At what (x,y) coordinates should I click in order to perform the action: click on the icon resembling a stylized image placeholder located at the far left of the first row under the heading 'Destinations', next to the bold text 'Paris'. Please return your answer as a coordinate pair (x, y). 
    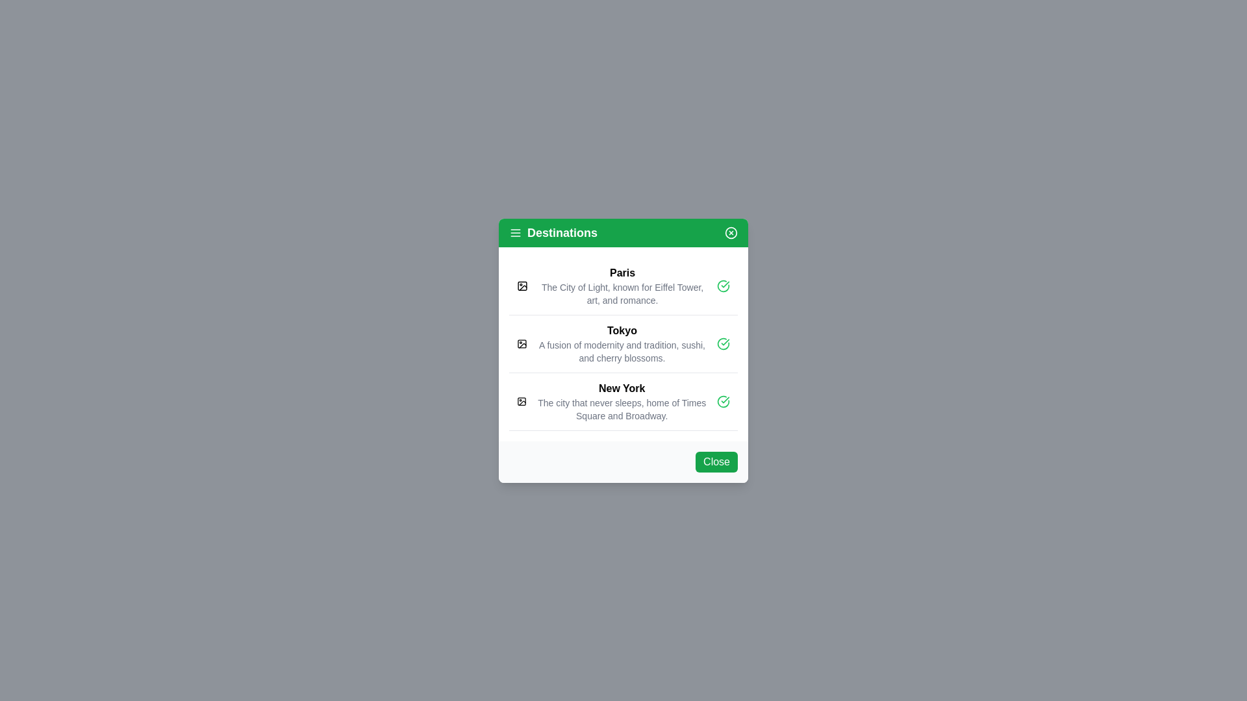
    Looking at the image, I should click on (522, 285).